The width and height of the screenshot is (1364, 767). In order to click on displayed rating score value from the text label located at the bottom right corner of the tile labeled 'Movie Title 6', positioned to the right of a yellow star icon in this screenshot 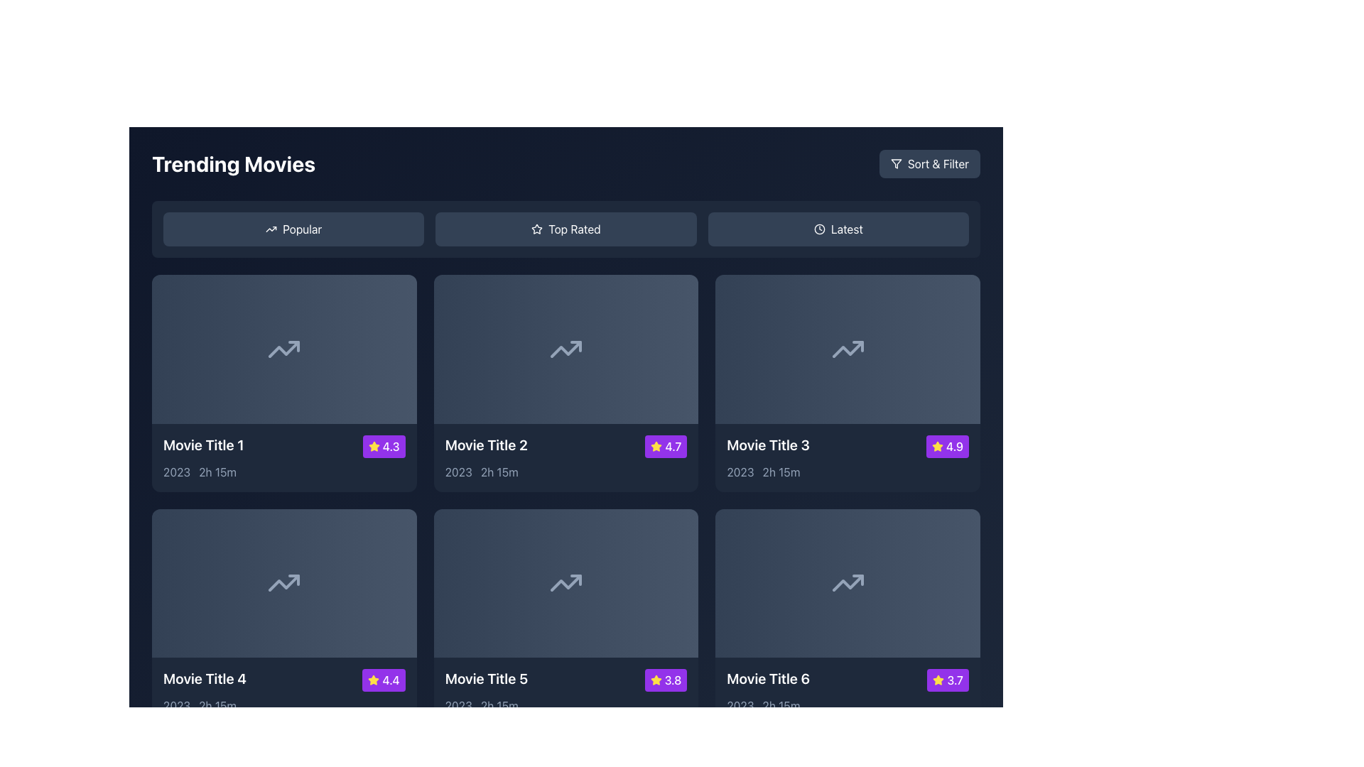, I will do `click(955, 680)`.